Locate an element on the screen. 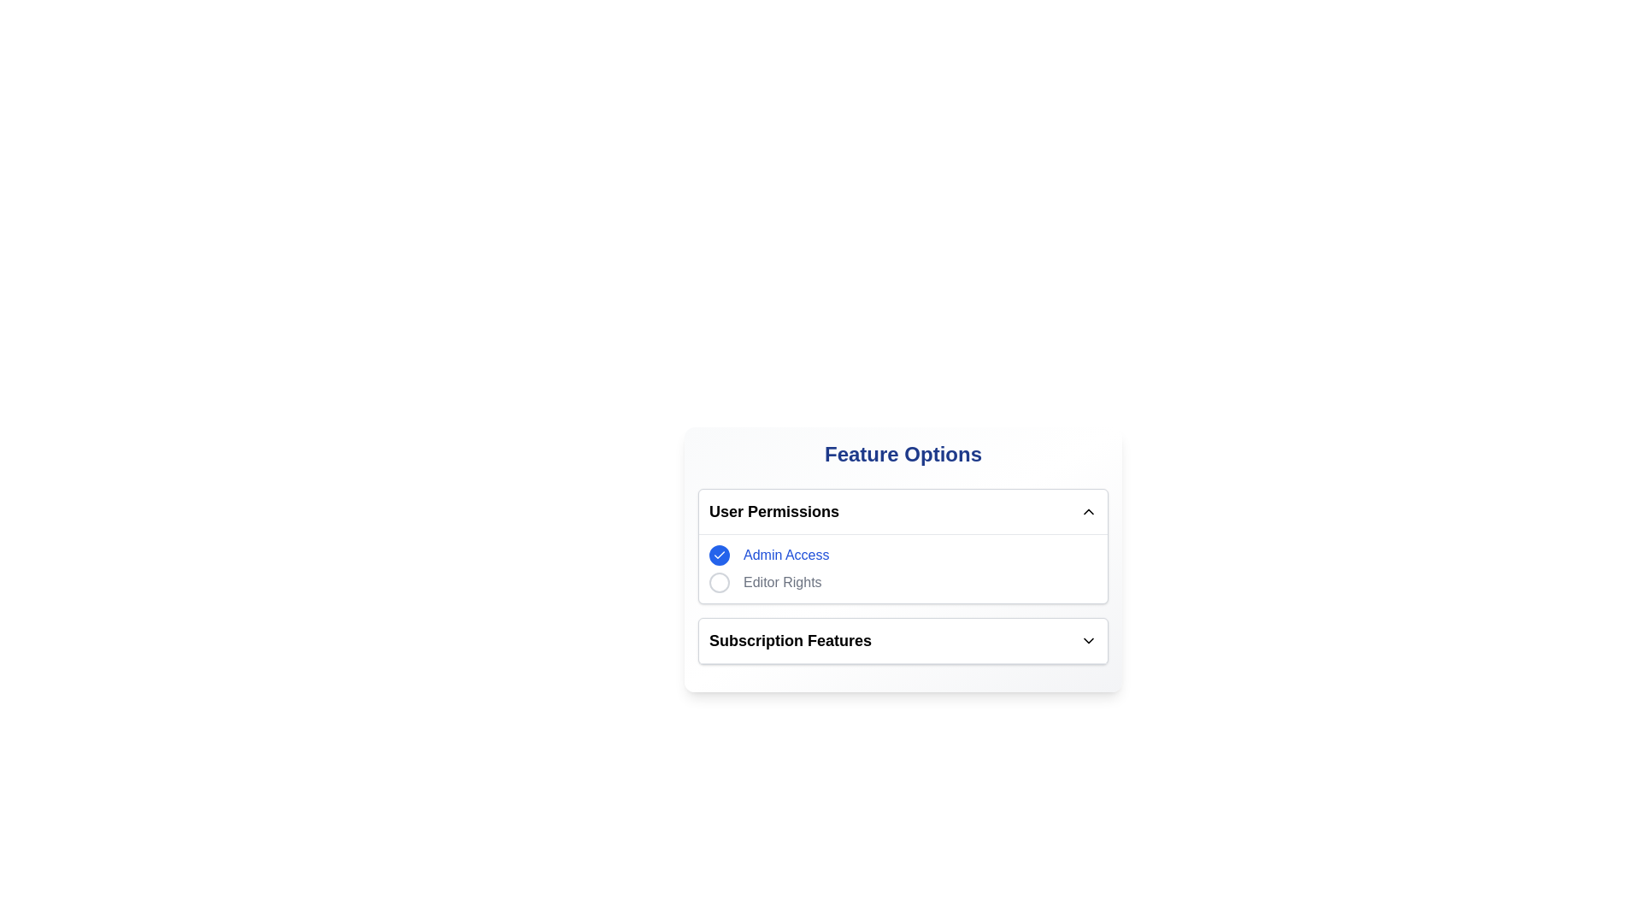 Image resolution: width=1641 pixels, height=923 pixels. the small circular icon with a gray border and light blue interior located to the left of the text 'Editor Rights' under the heading 'User Permissions' is located at coordinates (719, 582).